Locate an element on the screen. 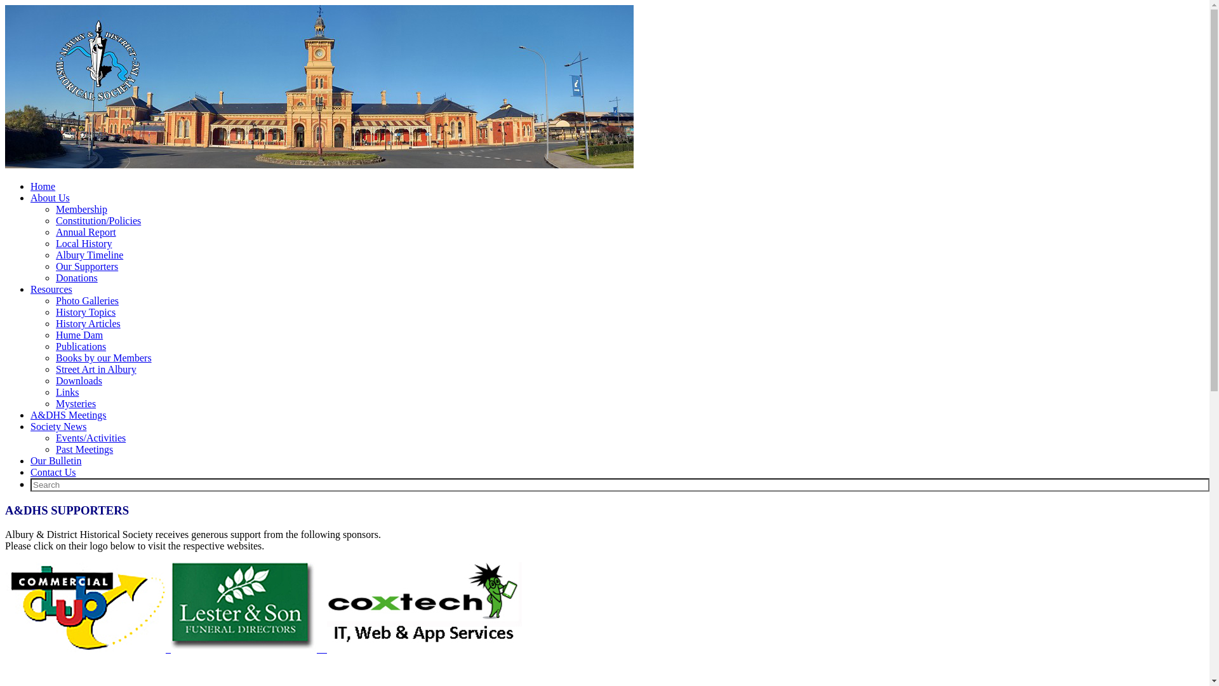 This screenshot has height=686, width=1219. 'Membership' is located at coordinates (81, 208).